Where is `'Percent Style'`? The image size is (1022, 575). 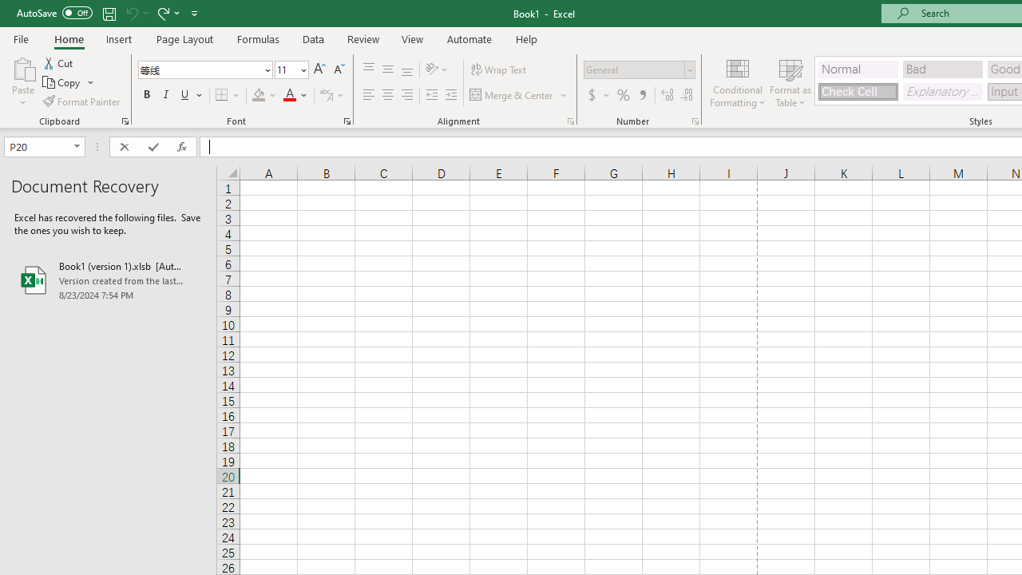 'Percent Style' is located at coordinates (623, 95).